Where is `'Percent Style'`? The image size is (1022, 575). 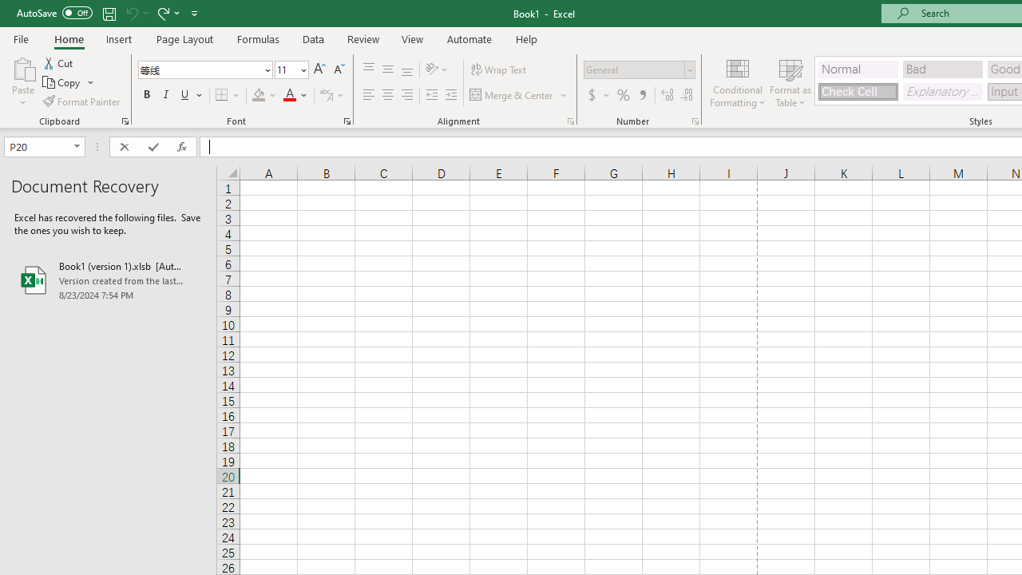 'Percent Style' is located at coordinates (623, 95).